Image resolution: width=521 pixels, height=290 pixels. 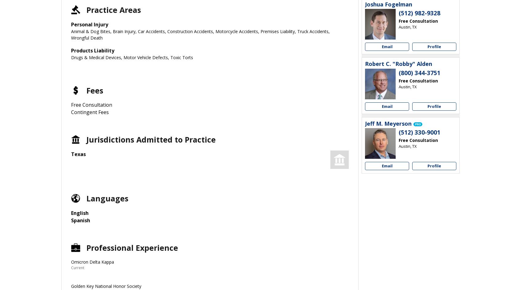 I want to click on 'Texas', so click(x=78, y=154).